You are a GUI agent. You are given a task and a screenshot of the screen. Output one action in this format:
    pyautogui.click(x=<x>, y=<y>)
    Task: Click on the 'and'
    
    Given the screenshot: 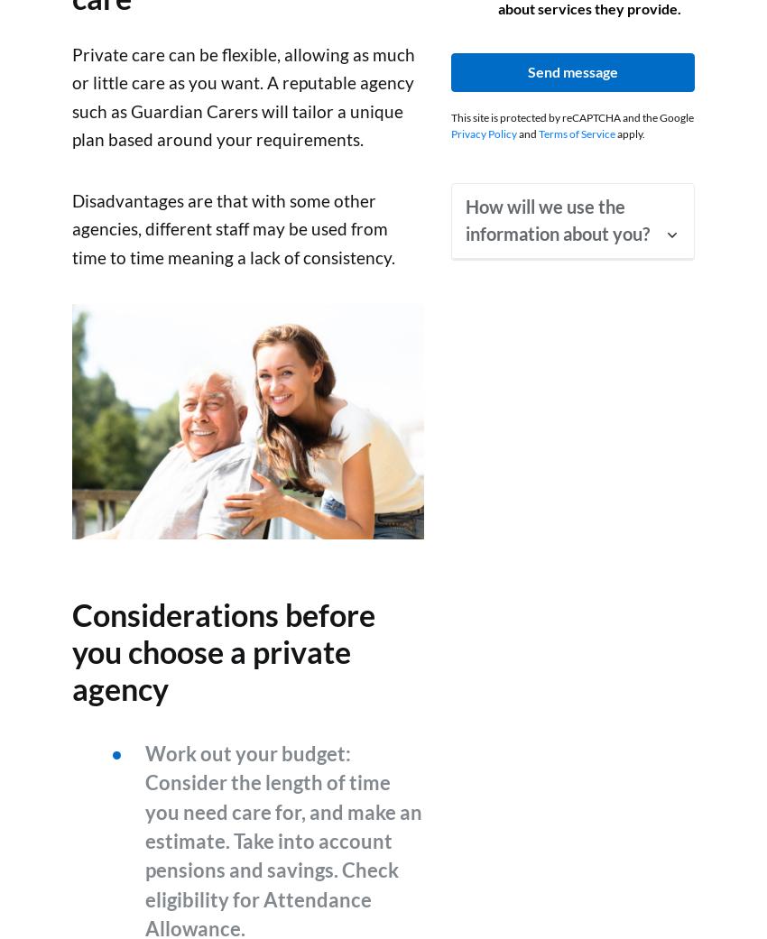 What is the action you would take?
    pyautogui.click(x=527, y=133)
    